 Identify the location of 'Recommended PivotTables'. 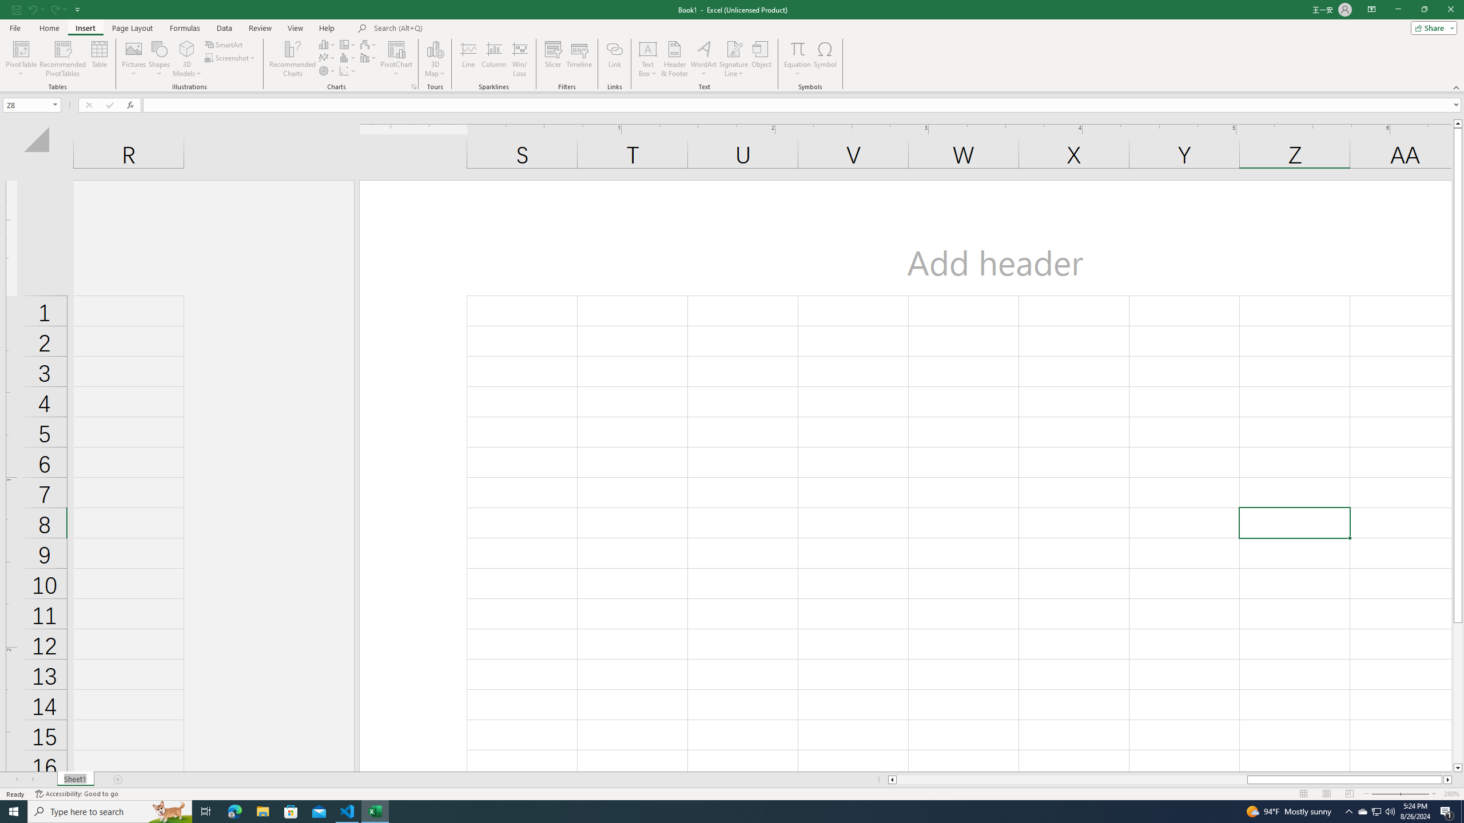
(63, 59).